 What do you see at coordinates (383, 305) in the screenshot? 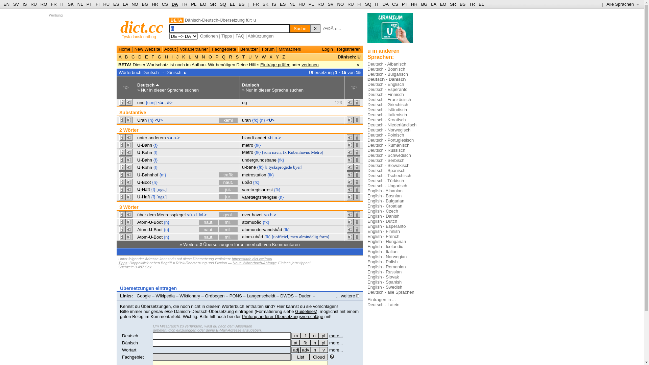
I see `'Deutsch - Latein'` at bounding box center [383, 305].